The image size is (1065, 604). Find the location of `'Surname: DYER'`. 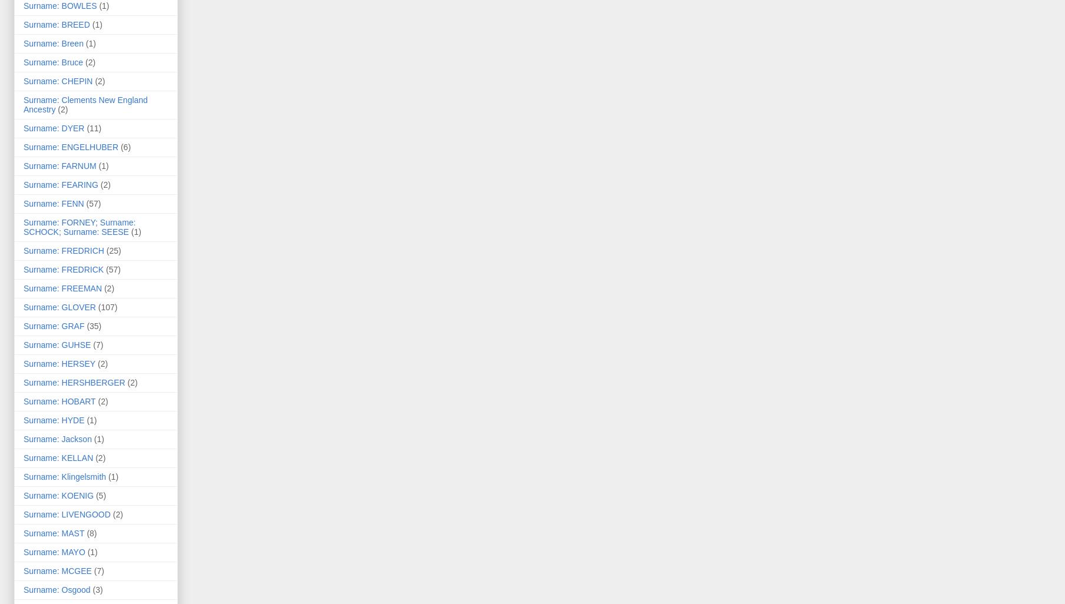

'Surname: DYER' is located at coordinates (53, 128).